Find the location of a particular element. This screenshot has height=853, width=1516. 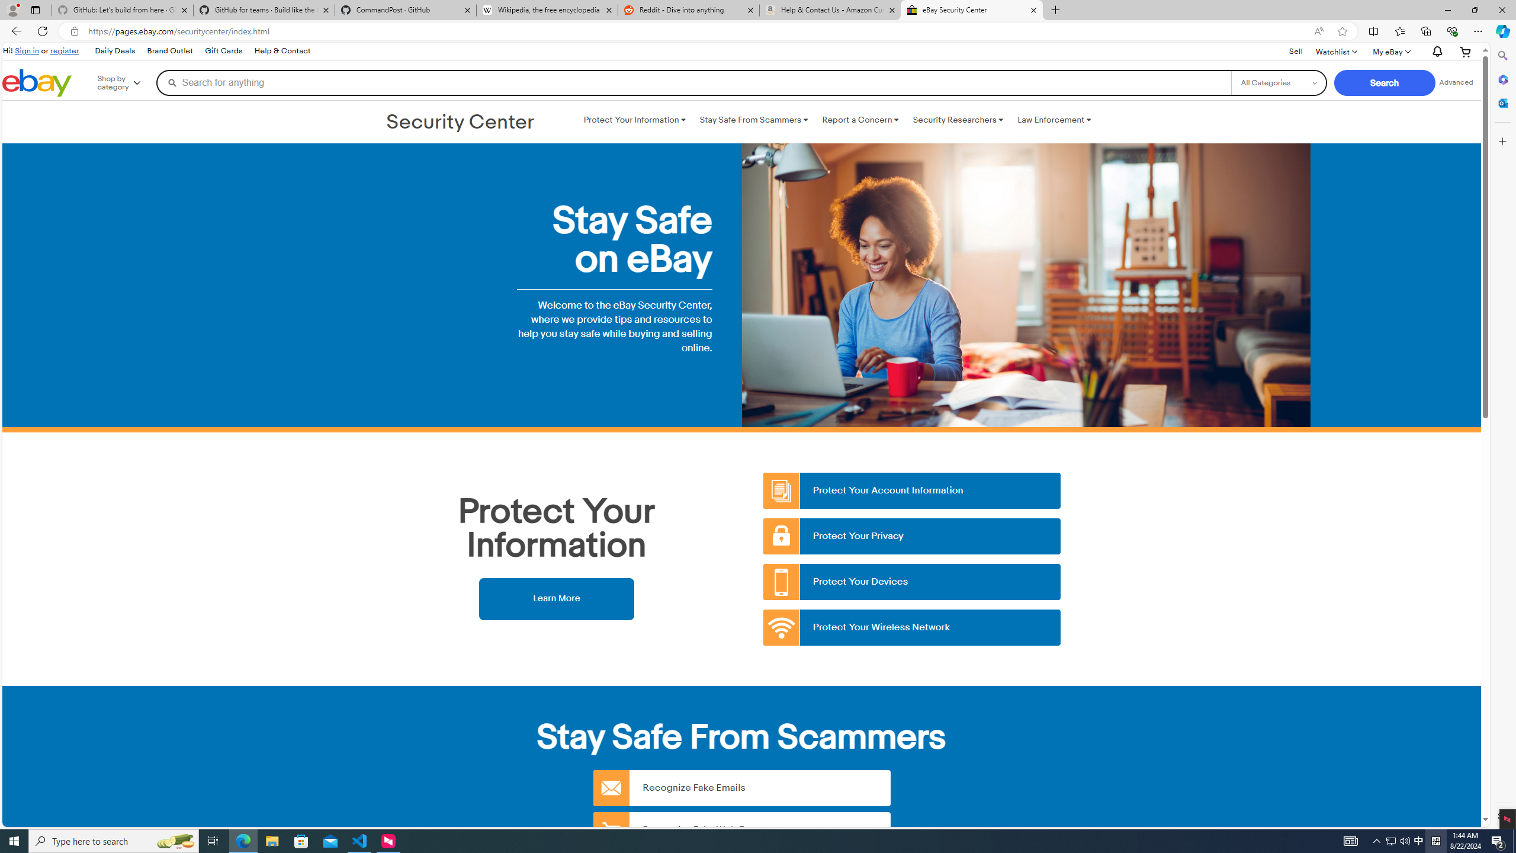

'Law Enforcement ' is located at coordinates (1054, 120).